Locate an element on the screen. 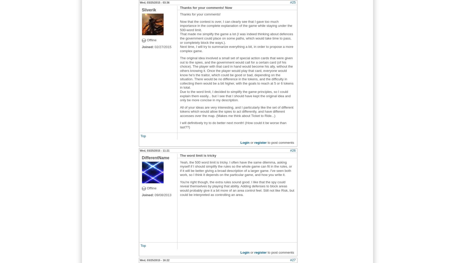 The width and height of the screenshot is (455, 263). 'Now that the contest is over, I can clearly see that I gave too much importance in the complete explanation of the game while staying under the 500-word limit.' is located at coordinates (236, 25).